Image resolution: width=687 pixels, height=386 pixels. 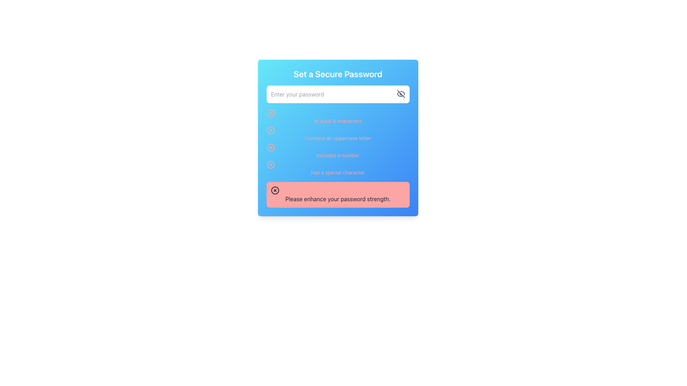 What do you see at coordinates (270, 130) in the screenshot?
I see `the SVG Circle Graphics icon that visually represents the password requirement, located next to the text 'At least 8 characters'` at bounding box center [270, 130].